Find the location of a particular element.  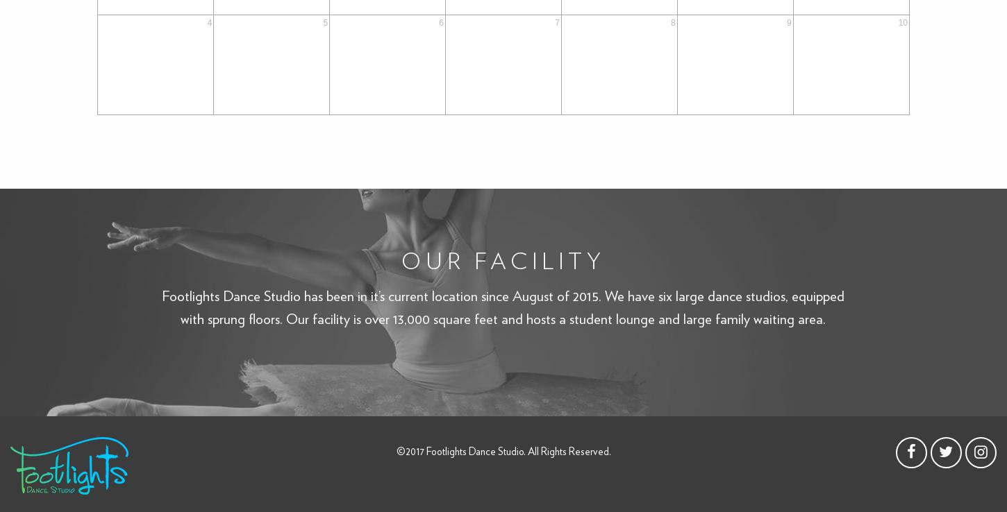

'Footlights Dance Studio has been in it’s current location since August of 2015. We have six large dance studios, equipped with sprung floors. Our facility is over 13,000 square feet and hosts a student lounge and large family waiting area.' is located at coordinates (502, 307).